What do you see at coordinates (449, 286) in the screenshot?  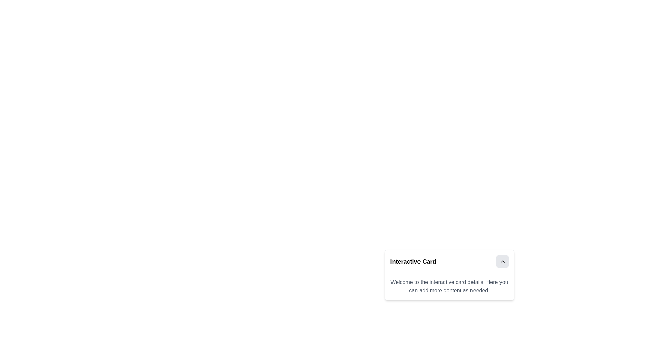 I see `the informational text block within the interactive card component, located beneath the header 'Interactive Card'` at bounding box center [449, 286].